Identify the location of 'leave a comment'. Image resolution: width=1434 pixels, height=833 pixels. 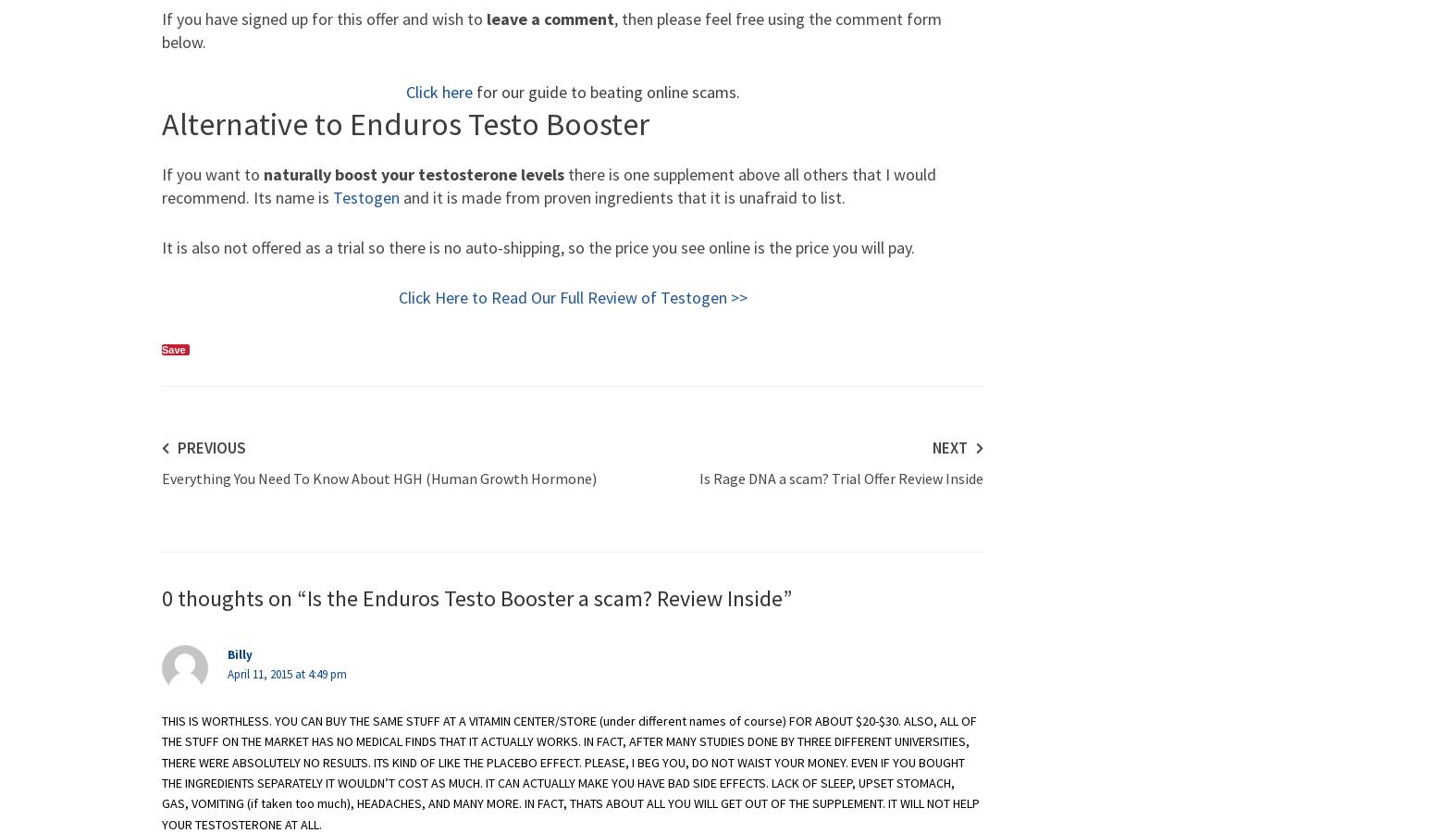
(486, 18).